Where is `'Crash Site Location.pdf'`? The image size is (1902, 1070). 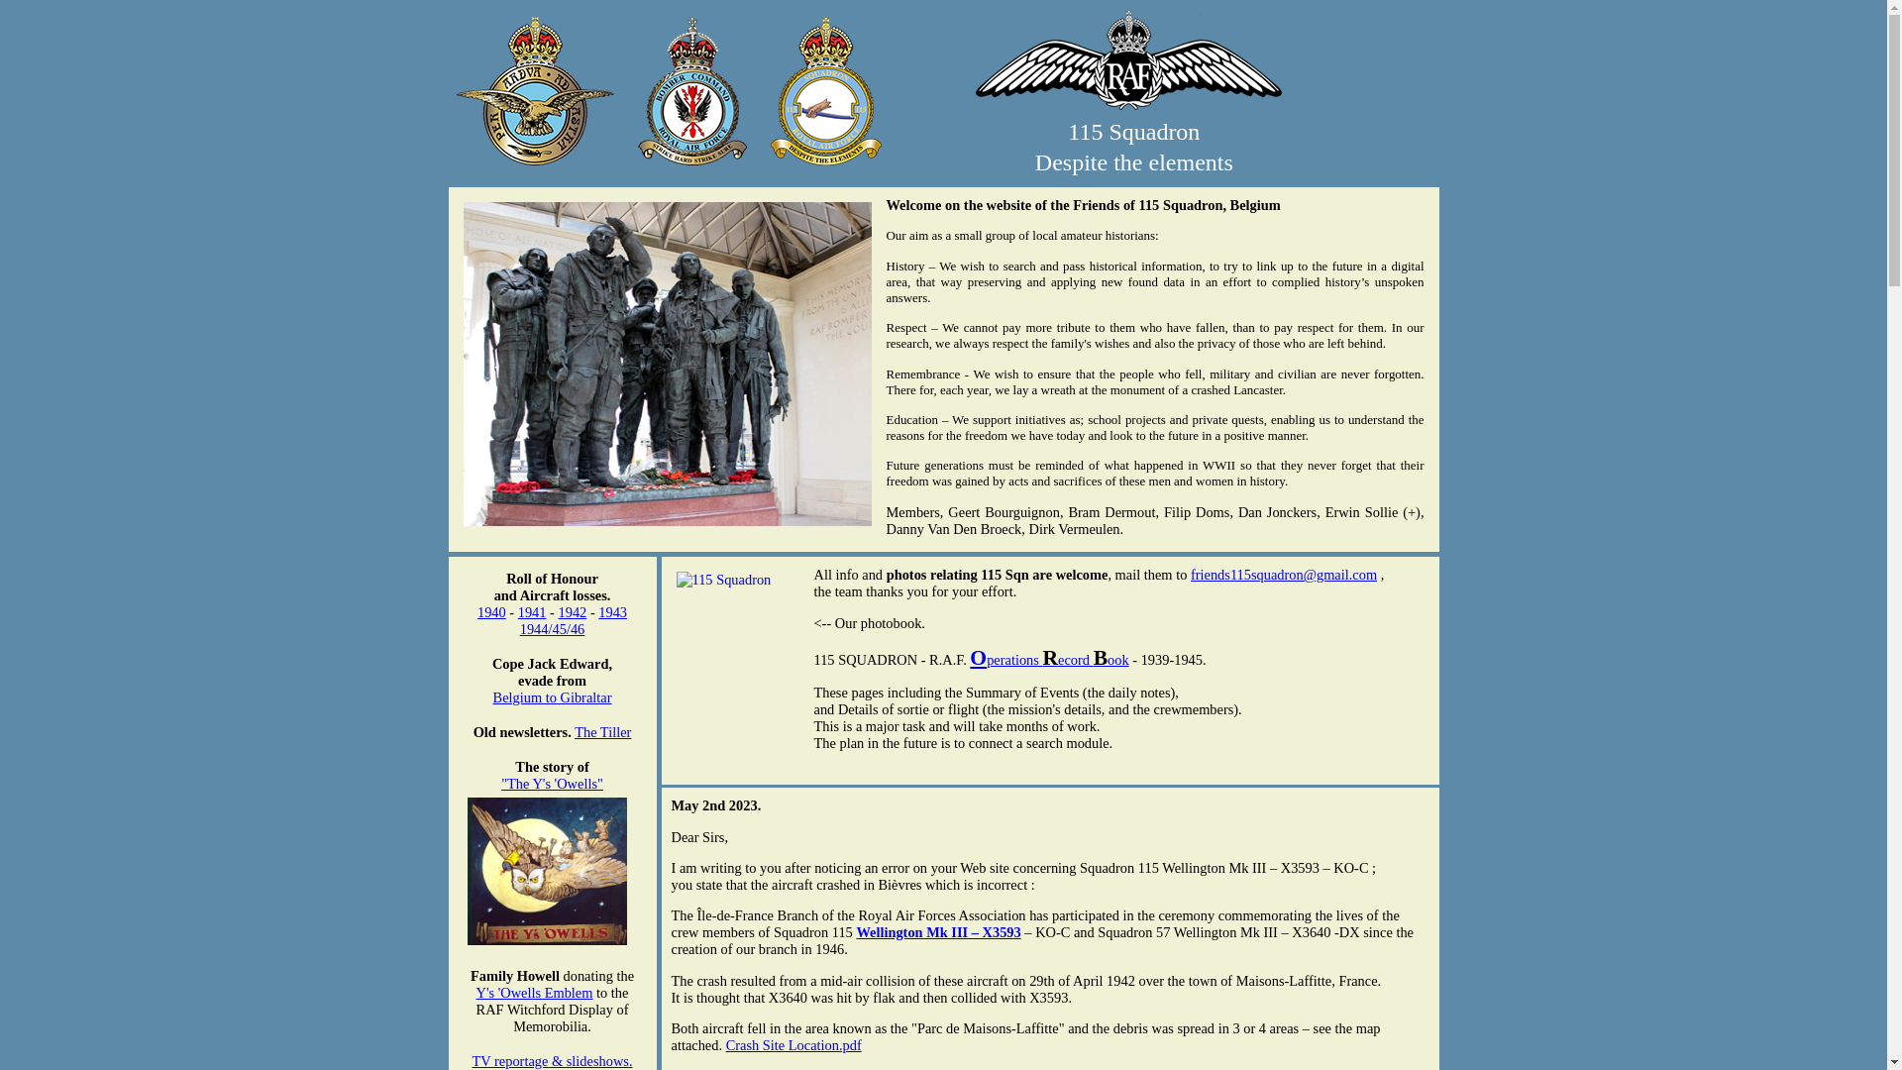 'Crash Site Location.pdf' is located at coordinates (793, 1044).